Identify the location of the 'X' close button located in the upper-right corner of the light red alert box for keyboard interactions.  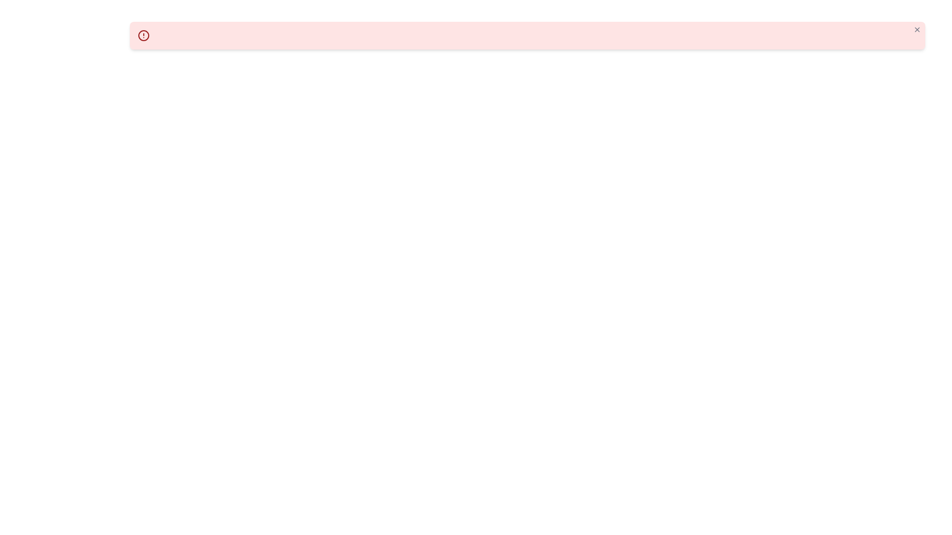
(916, 29).